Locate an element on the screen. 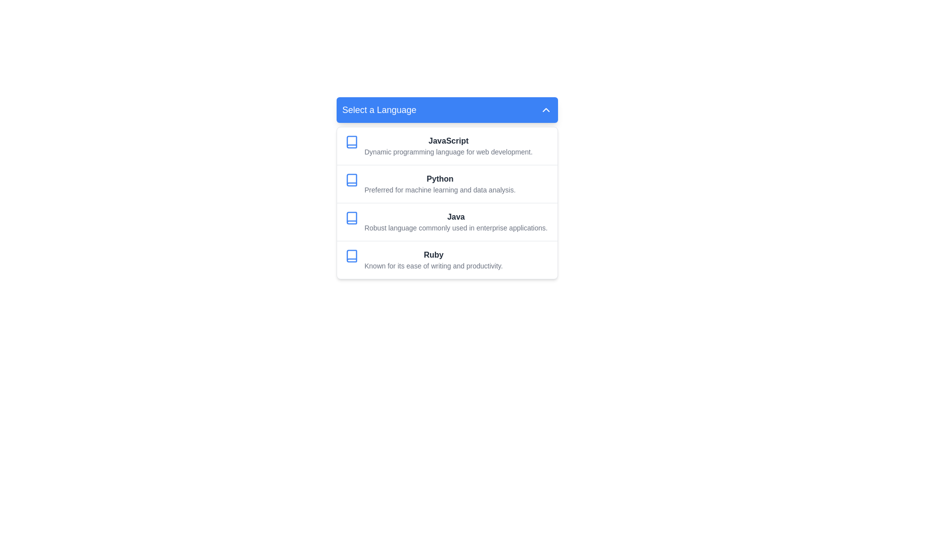 This screenshot has height=533, width=949. the Ruby programming language icon is located at coordinates (351, 256).